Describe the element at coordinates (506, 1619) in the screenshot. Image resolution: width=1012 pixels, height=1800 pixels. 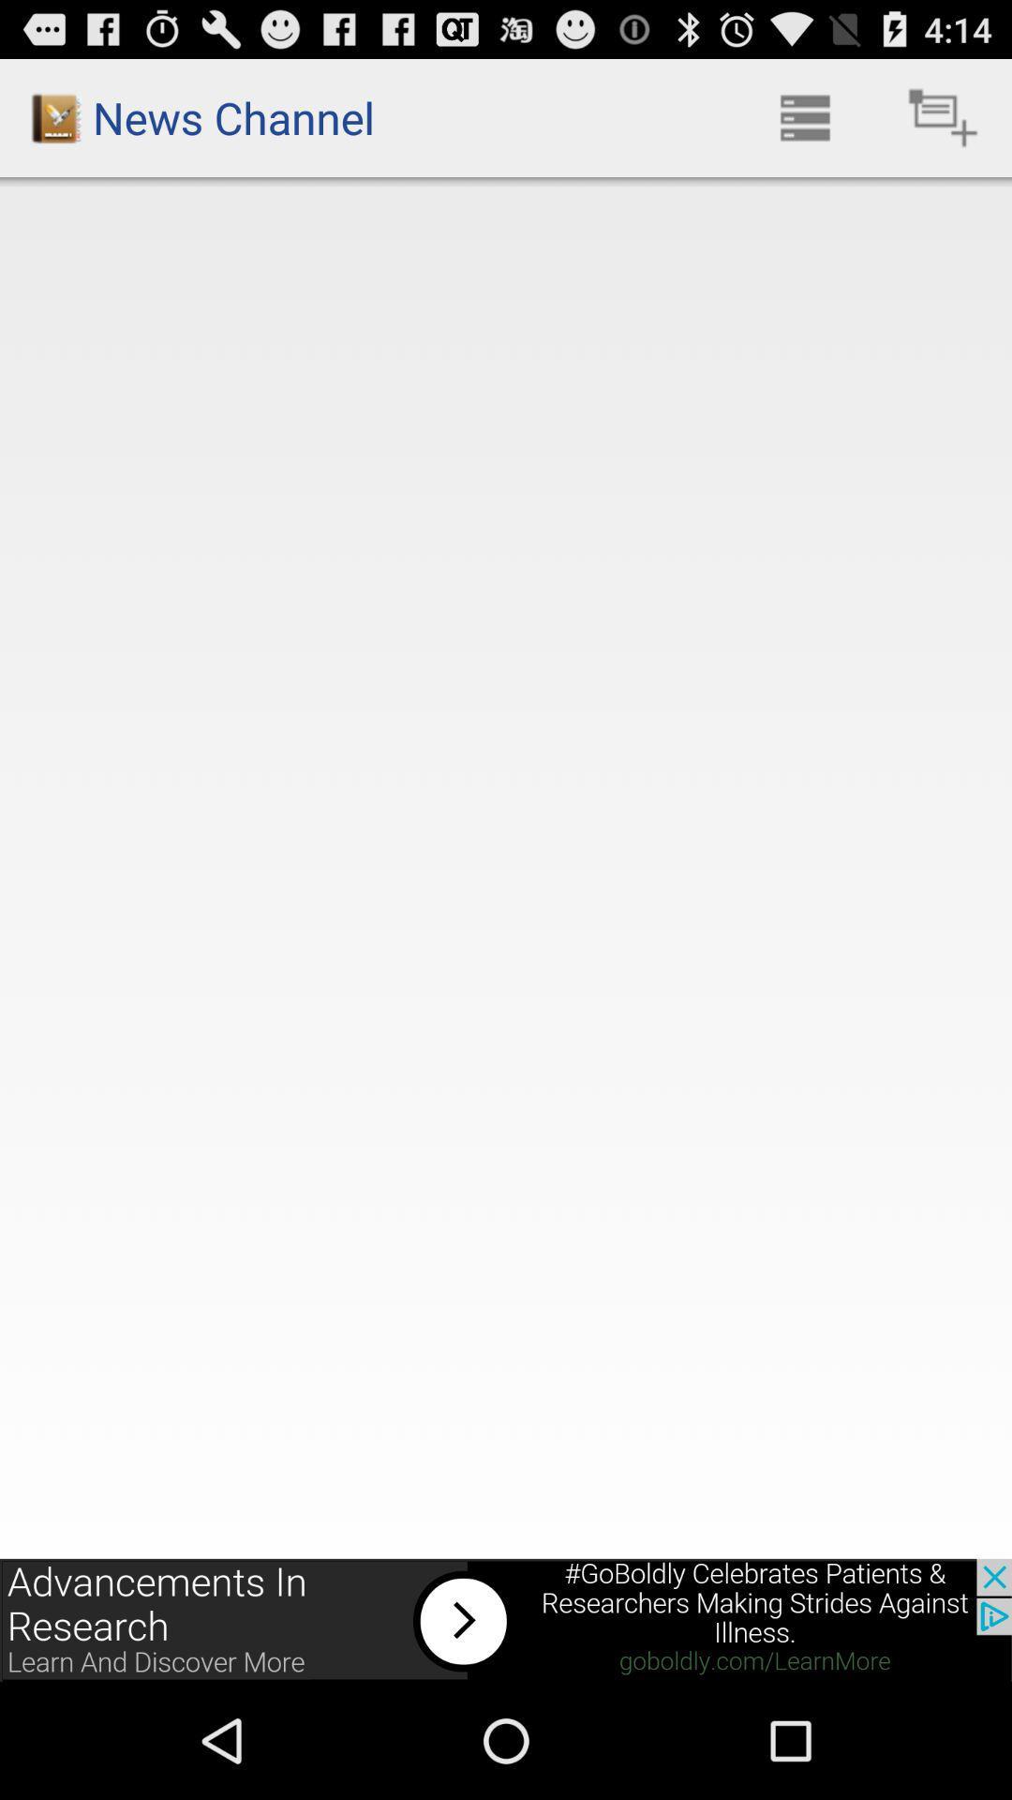
I see `open advertisement` at that location.